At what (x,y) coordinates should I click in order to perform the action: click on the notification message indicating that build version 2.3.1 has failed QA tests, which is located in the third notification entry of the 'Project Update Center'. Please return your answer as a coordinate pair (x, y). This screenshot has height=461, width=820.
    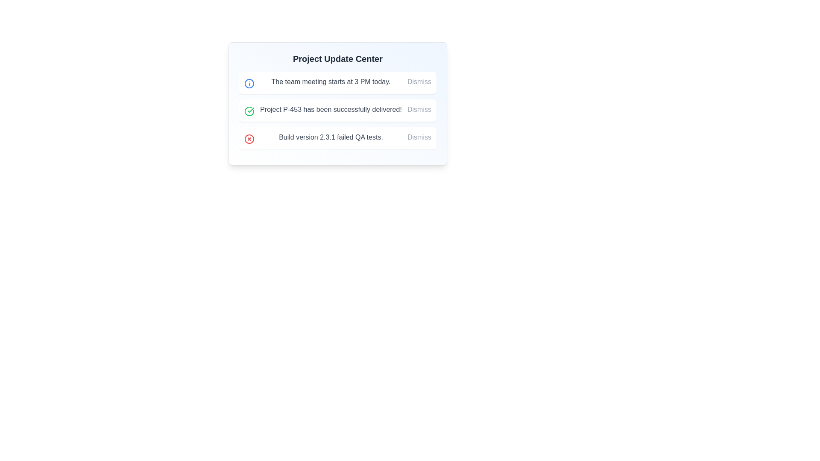
    Looking at the image, I should click on (330, 137).